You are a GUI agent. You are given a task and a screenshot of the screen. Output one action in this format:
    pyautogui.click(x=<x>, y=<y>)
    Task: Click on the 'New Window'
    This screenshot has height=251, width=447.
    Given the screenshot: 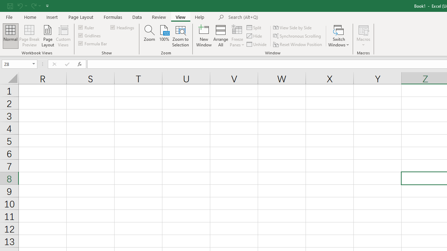 What is the action you would take?
    pyautogui.click(x=204, y=36)
    